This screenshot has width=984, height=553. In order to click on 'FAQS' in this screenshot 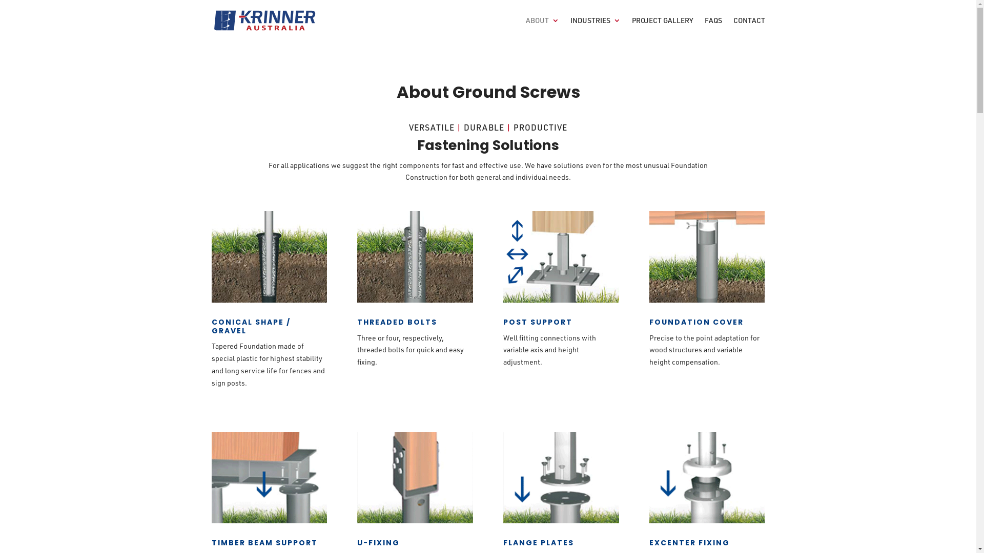, I will do `click(712, 28)`.